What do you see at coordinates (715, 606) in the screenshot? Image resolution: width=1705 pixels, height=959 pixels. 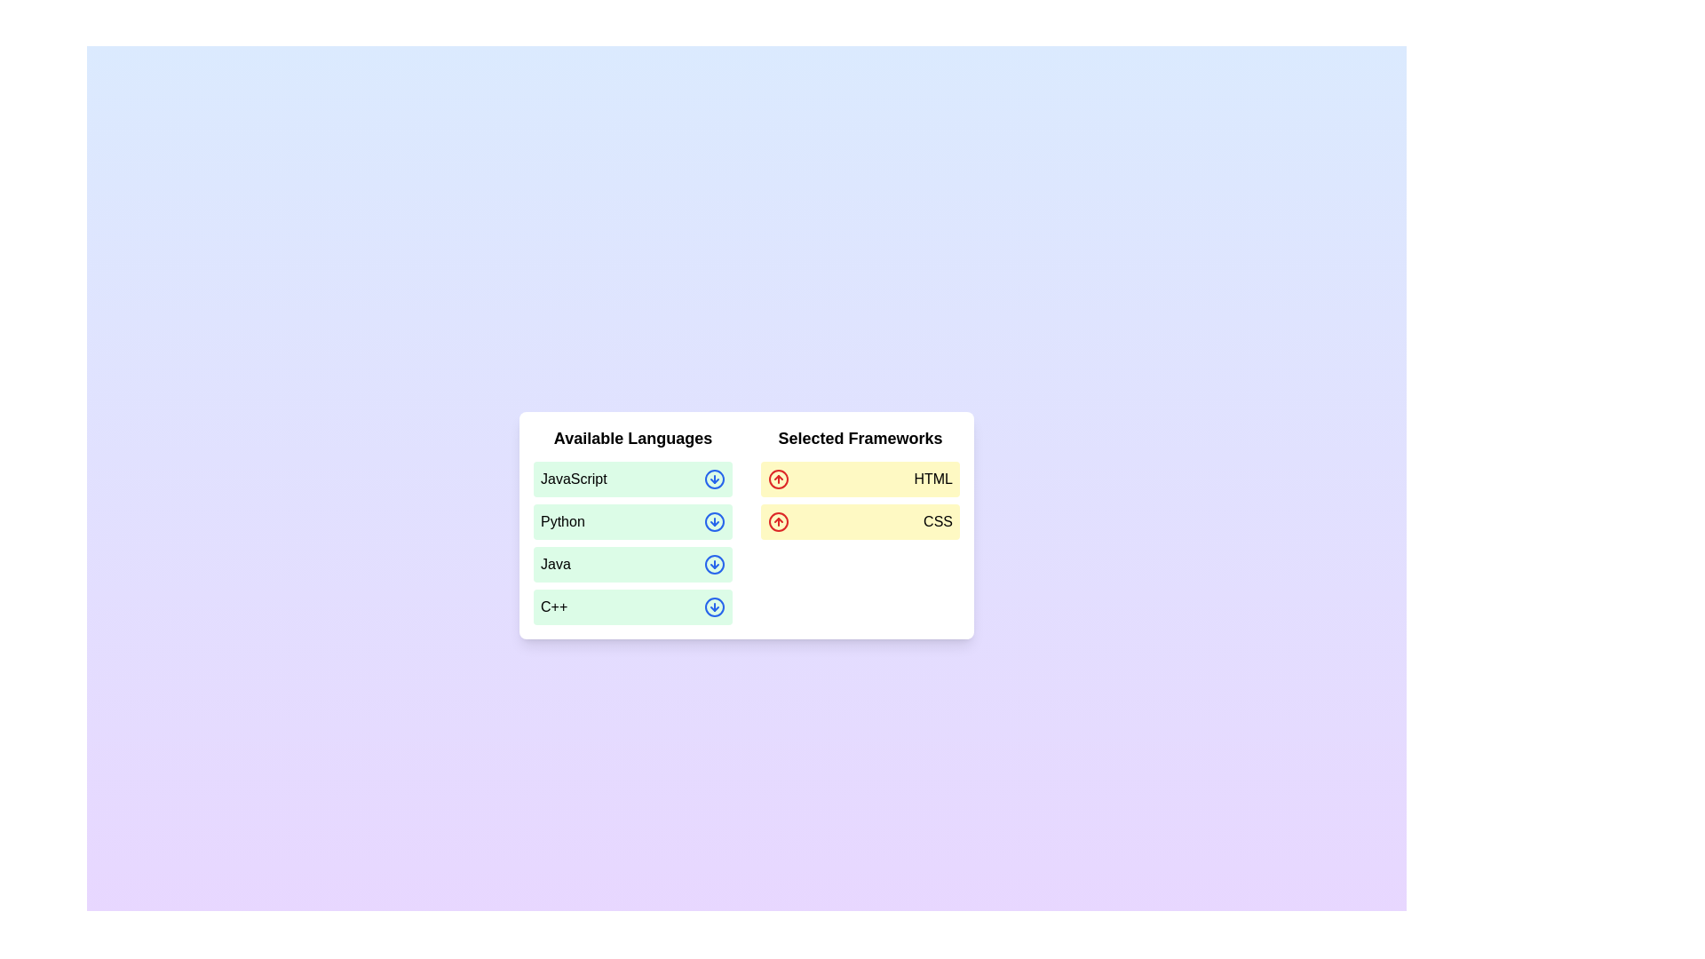 I see `the icon corresponding to C++` at bounding box center [715, 606].